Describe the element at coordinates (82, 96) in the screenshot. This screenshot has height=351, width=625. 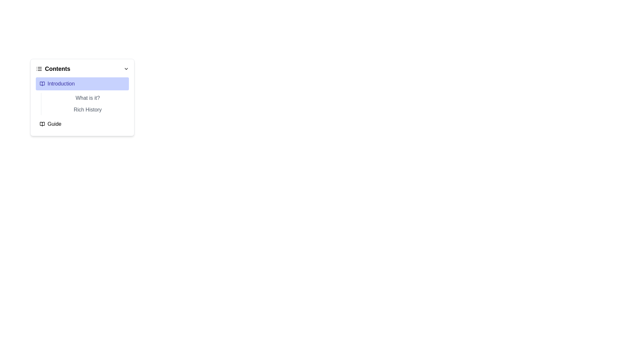
I see `textual content block located beneath the 'Introduction' header in the sidebar, containing the lines 'What is it?' and 'Rich History'` at that location.